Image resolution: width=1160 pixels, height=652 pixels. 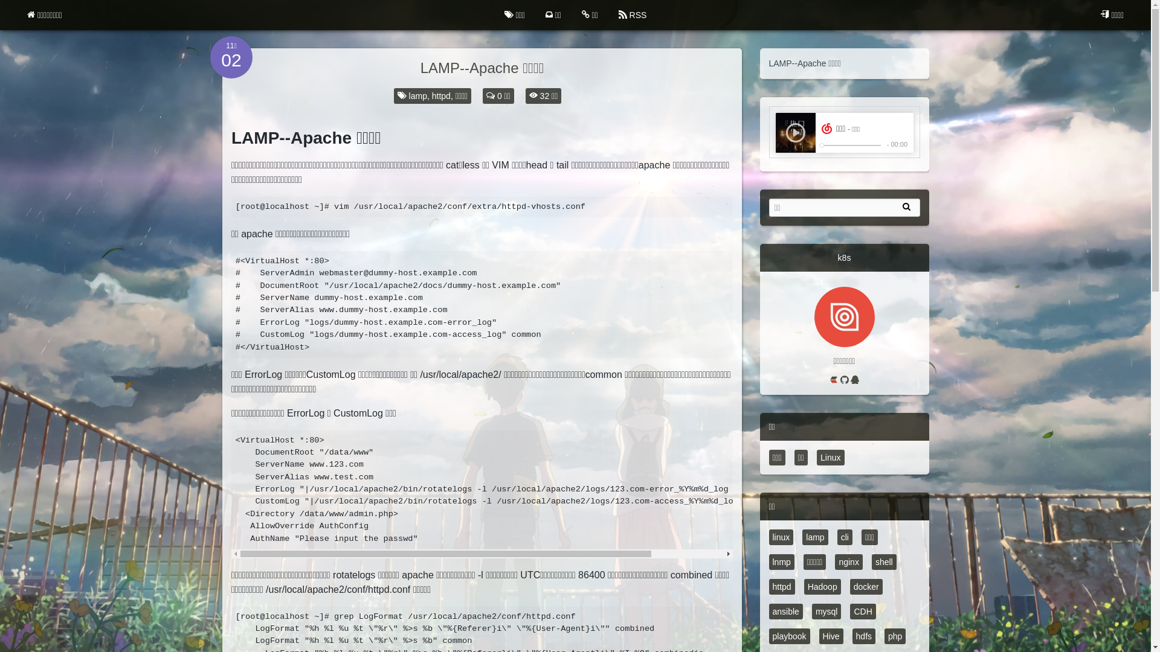 What do you see at coordinates (788, 635) in the screenshot?
I see `'playbook'` at bounding box center [788, 635].